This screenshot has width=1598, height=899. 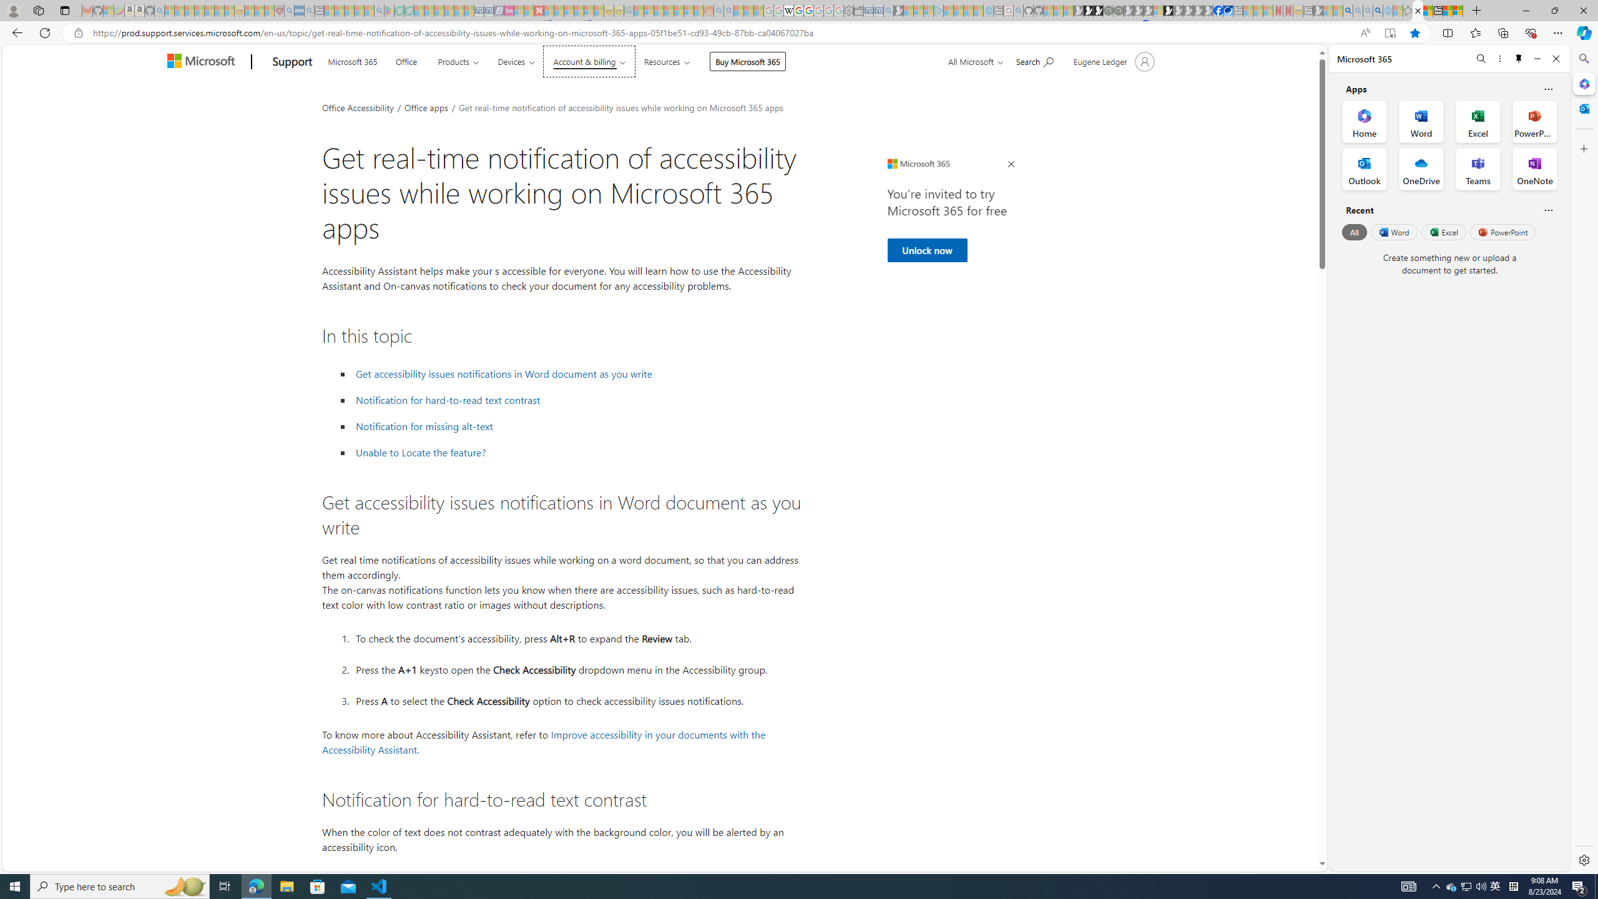 What do you see at coordinates (549, 10) in the screenshot?
I see `'Trusted Community Engagement and Contributions | Guidelines'` at bounding box center [549, 10].